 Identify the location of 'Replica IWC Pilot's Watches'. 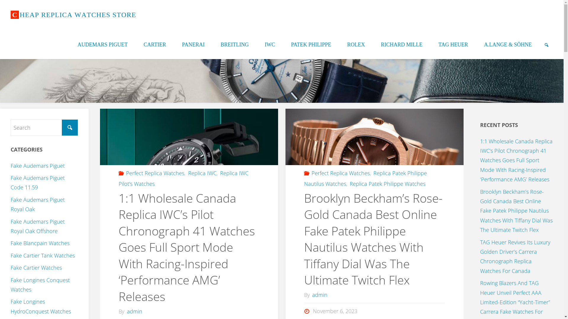
(183, 178).